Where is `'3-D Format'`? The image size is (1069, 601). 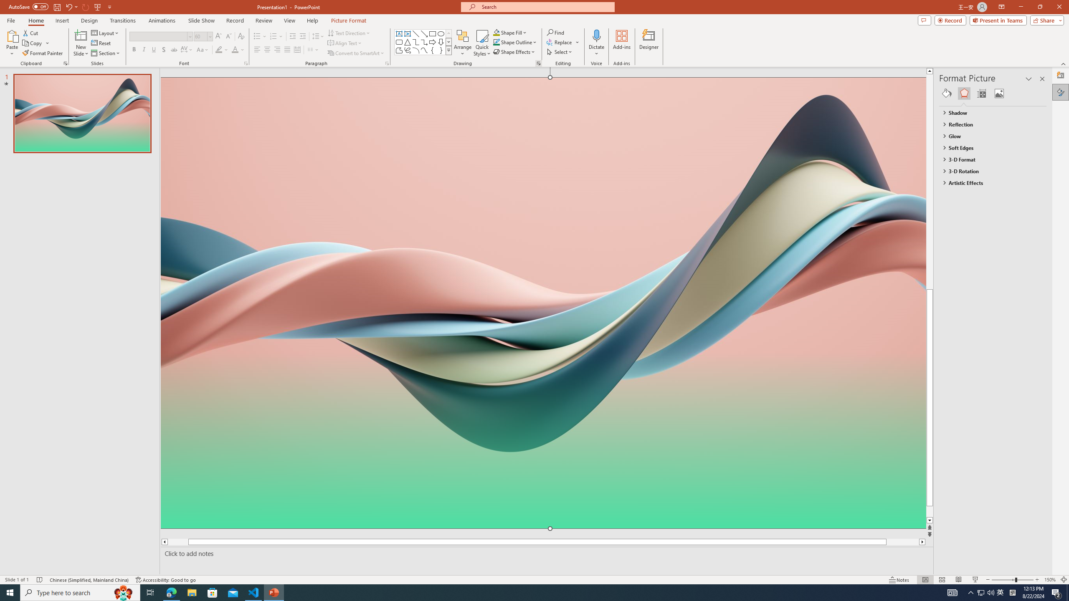 '3-D Format' is located at coordinates (989, 159).